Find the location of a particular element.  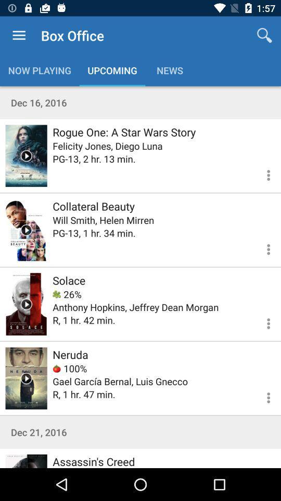

video is located at coordinates (26, 378).